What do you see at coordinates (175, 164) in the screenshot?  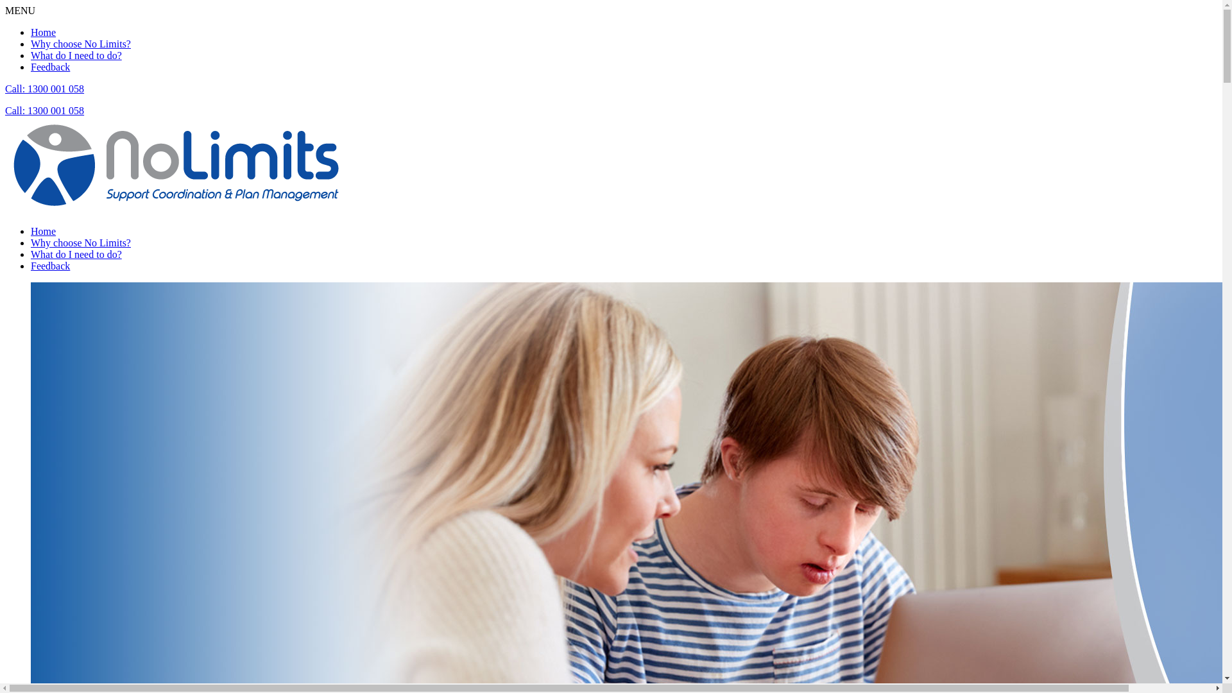 I see `'Push Productions'` at bounding box center [175, 164].